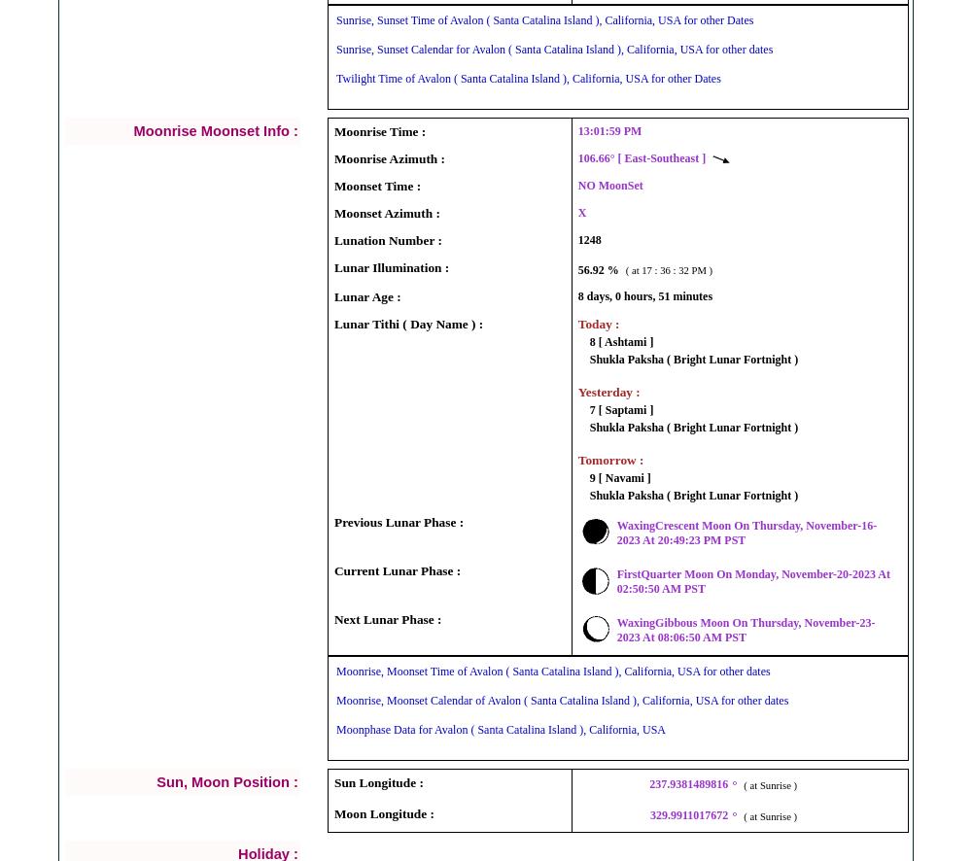  Describe the element at coordinates (334, 670) in the screenshot. I see `'Moonrise, Moonset Time of Avalon ( Santa Catalina Island ), California, USA for other dates'` at that location.